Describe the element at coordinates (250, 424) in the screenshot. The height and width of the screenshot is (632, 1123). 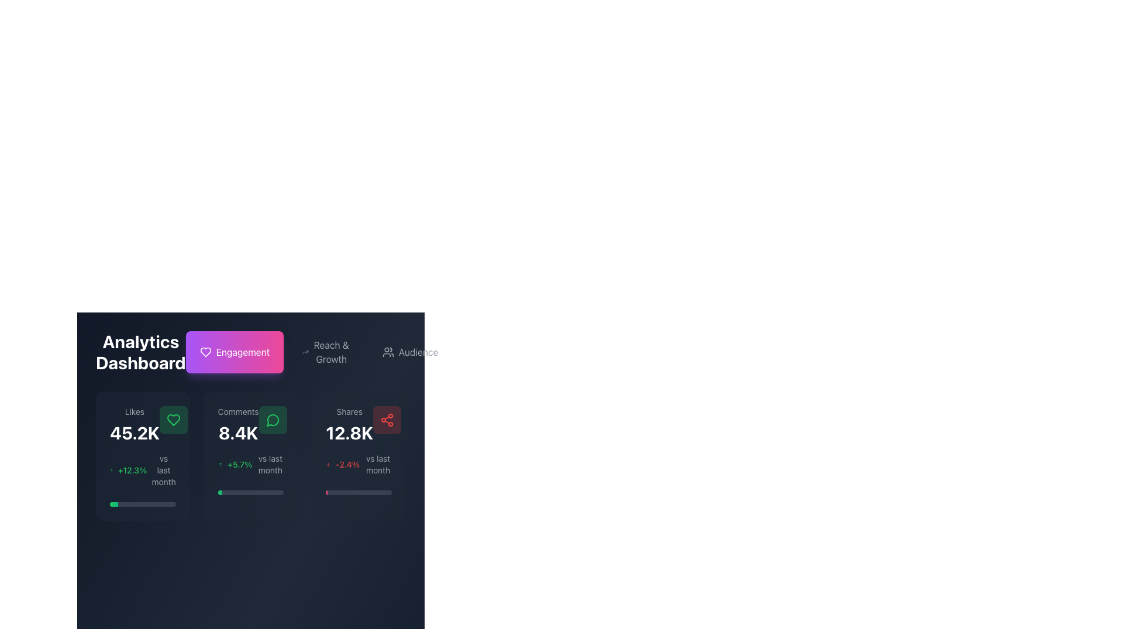
I see `the Metric Display Box that shows the number of comments (8.4K)` at that location.